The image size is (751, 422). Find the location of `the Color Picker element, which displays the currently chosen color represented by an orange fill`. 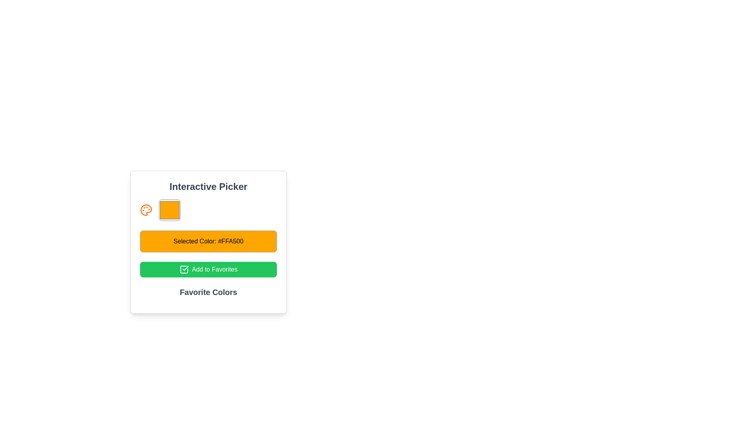

the Color Picker element, which displays the currently chosen color represented by an orange fill is located at coordinates (169, 209).